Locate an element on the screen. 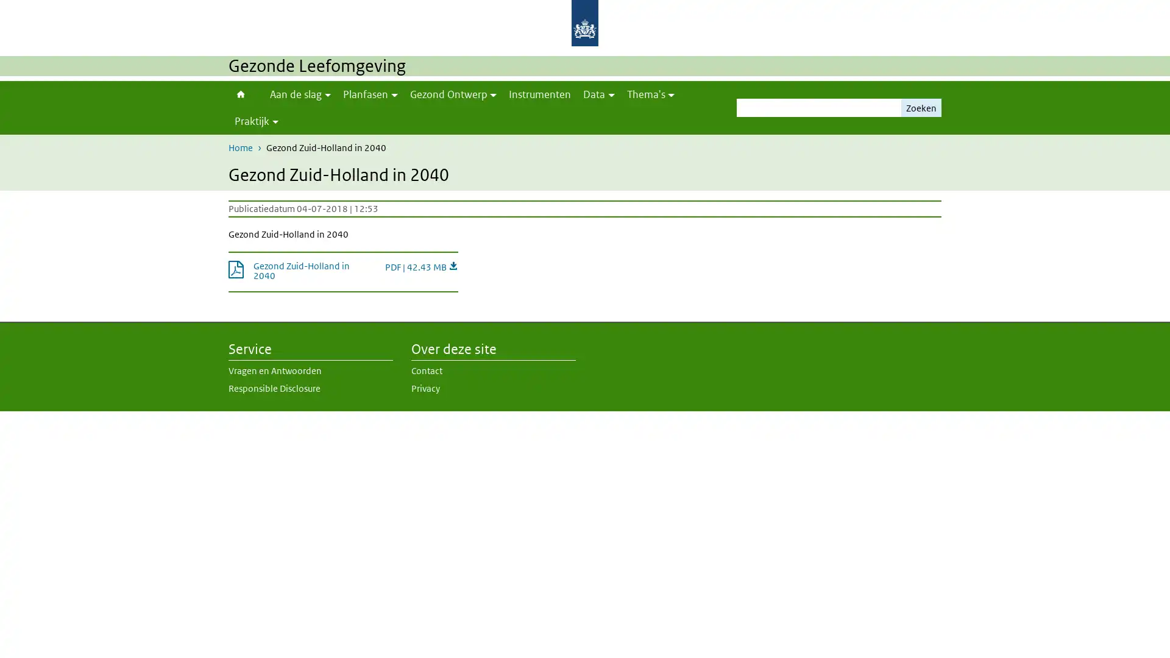 This screenshot has width=1170, height=658. Zoeken is located at coordinates (921, 107).